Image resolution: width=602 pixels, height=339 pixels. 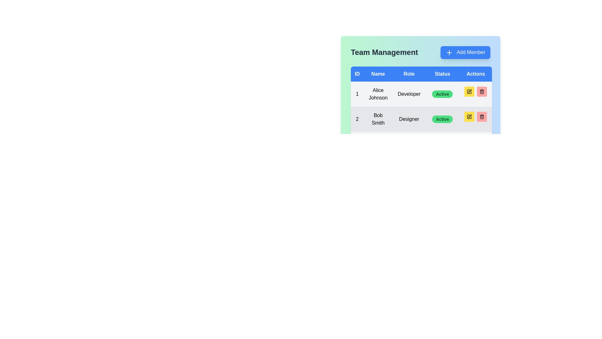 I want to click on the text label displaying 'Bob Smith' in the second row of the table under the 'Name' column, so click(x=378, y=119).